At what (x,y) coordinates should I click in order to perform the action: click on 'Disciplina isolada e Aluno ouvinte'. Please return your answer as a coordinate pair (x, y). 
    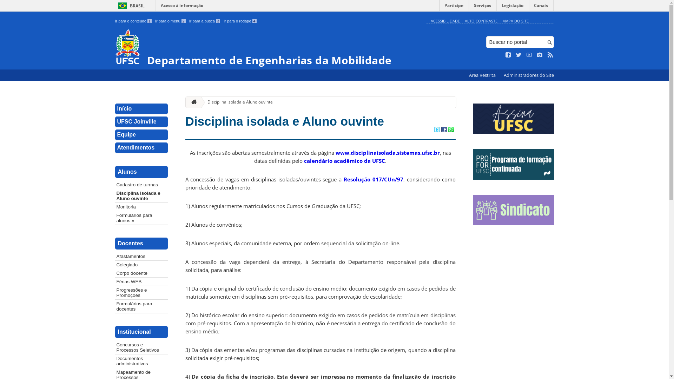
    Looking at the image, I should click on (141, 196).